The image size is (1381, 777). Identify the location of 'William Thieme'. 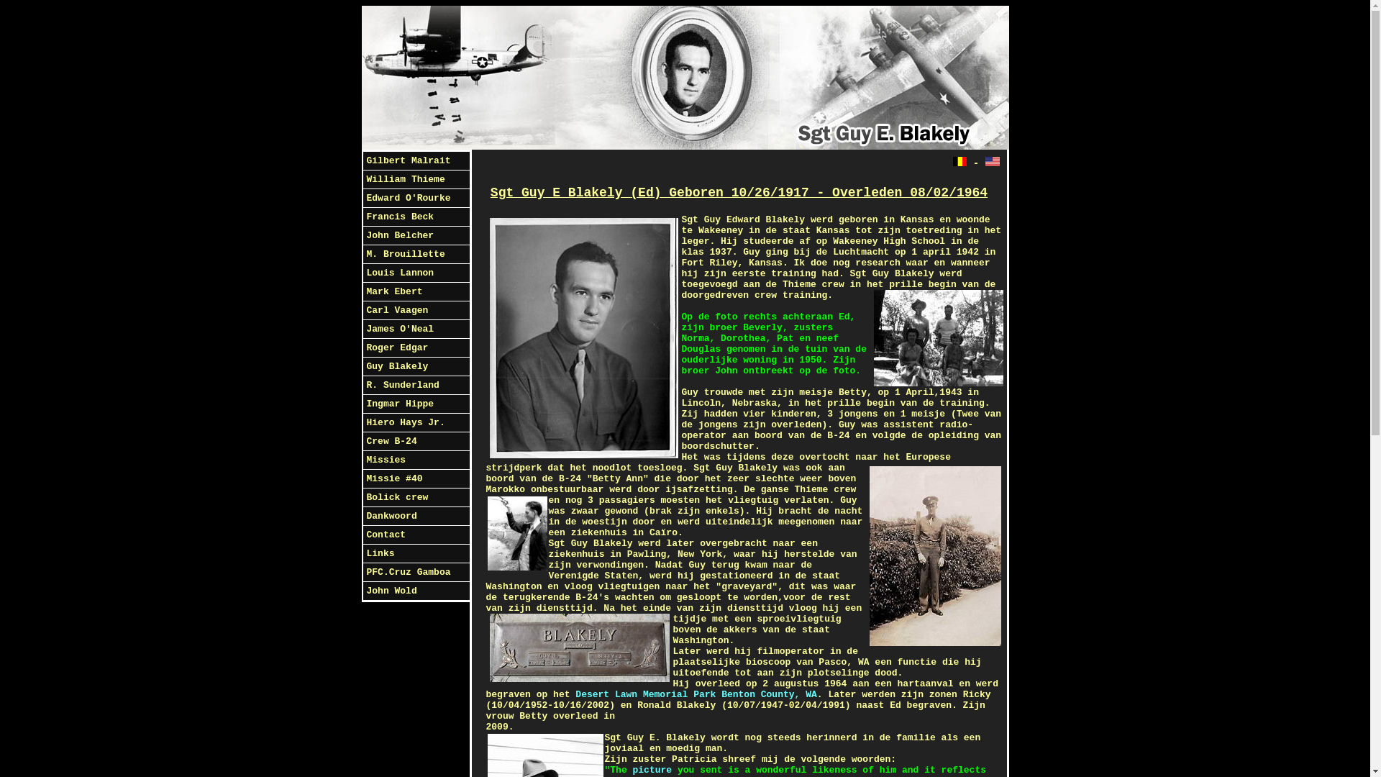
(414, 179).